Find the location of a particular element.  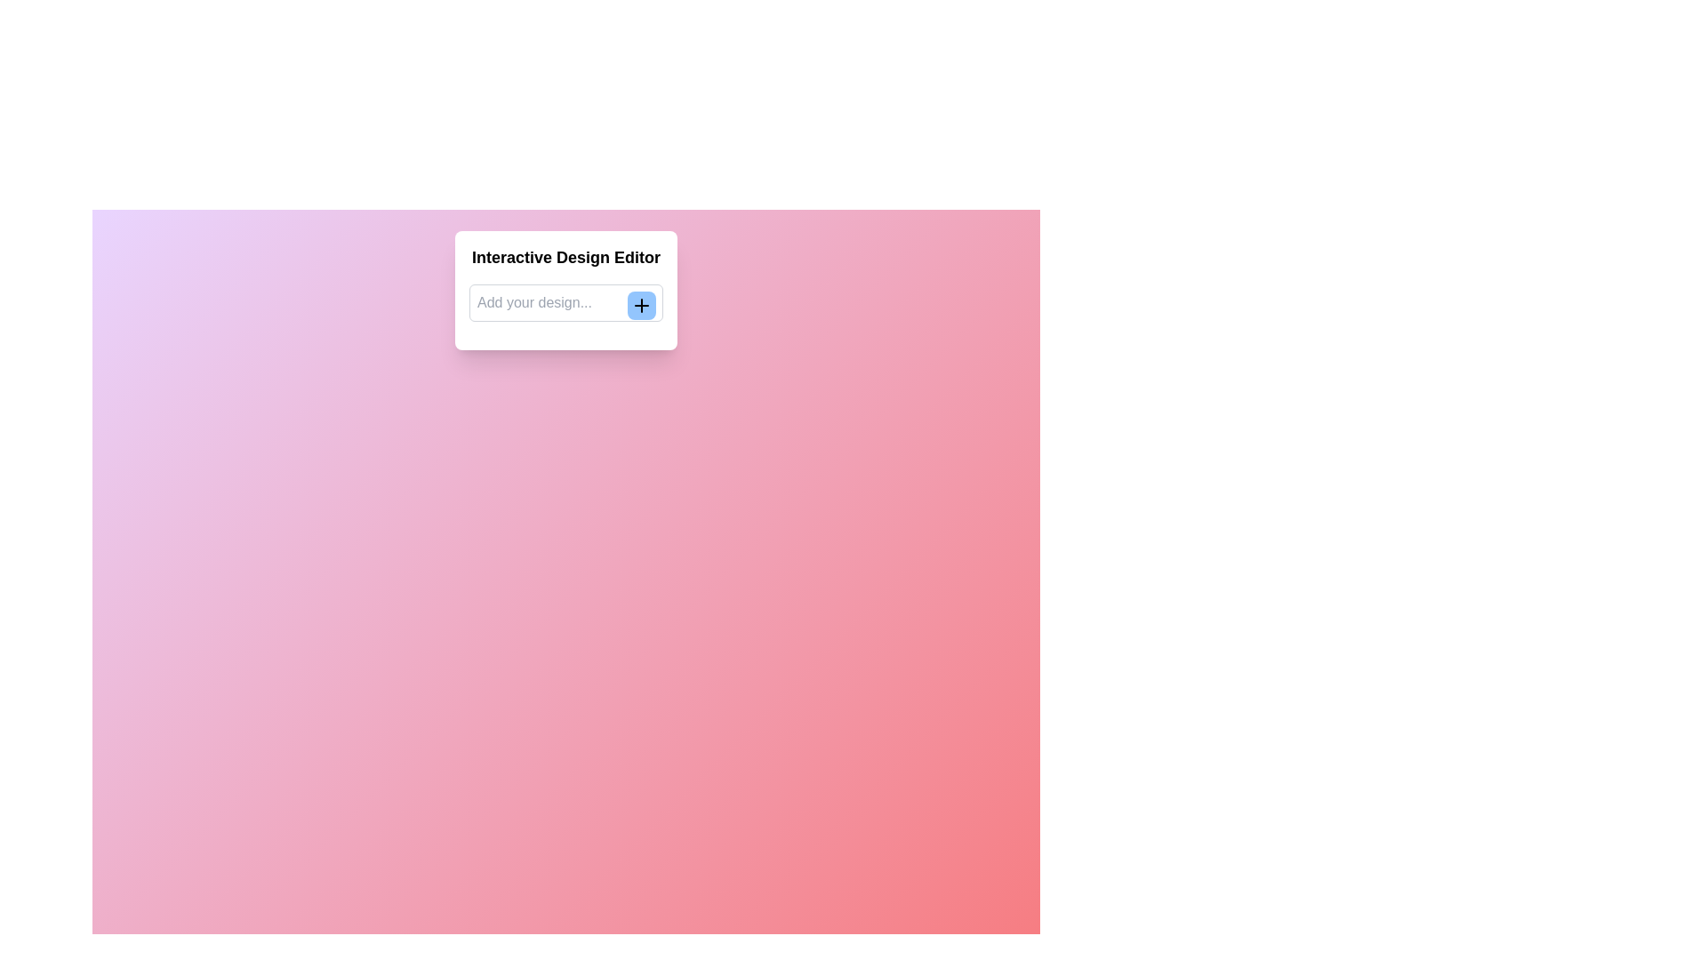

the interactive button located in the top-right corner of the textbox labeled 'Add your design...' is located at coordinates (640, 304).